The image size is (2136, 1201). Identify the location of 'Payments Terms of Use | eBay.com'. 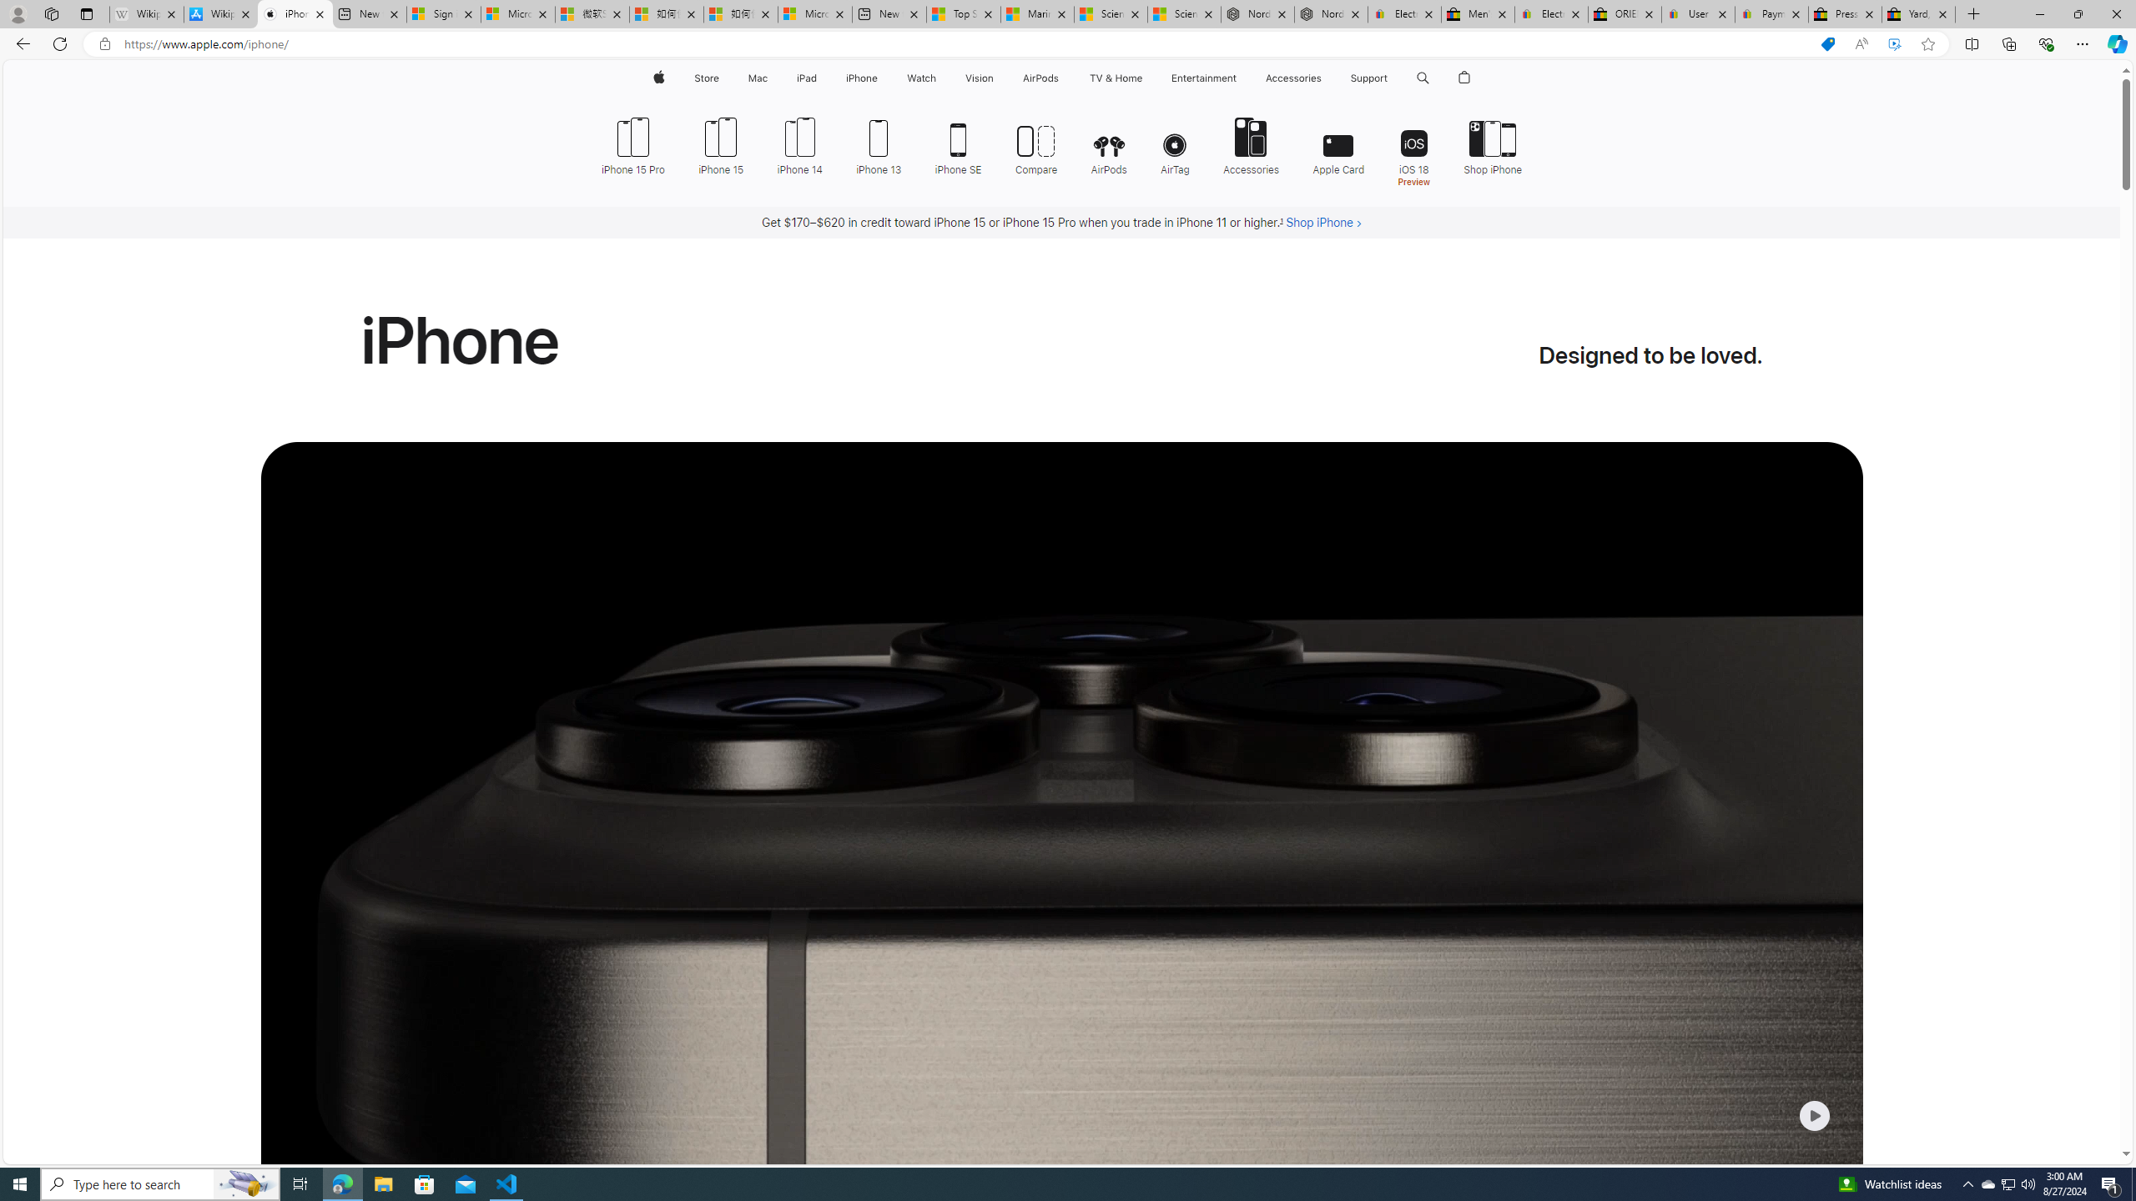
(1771, 13).